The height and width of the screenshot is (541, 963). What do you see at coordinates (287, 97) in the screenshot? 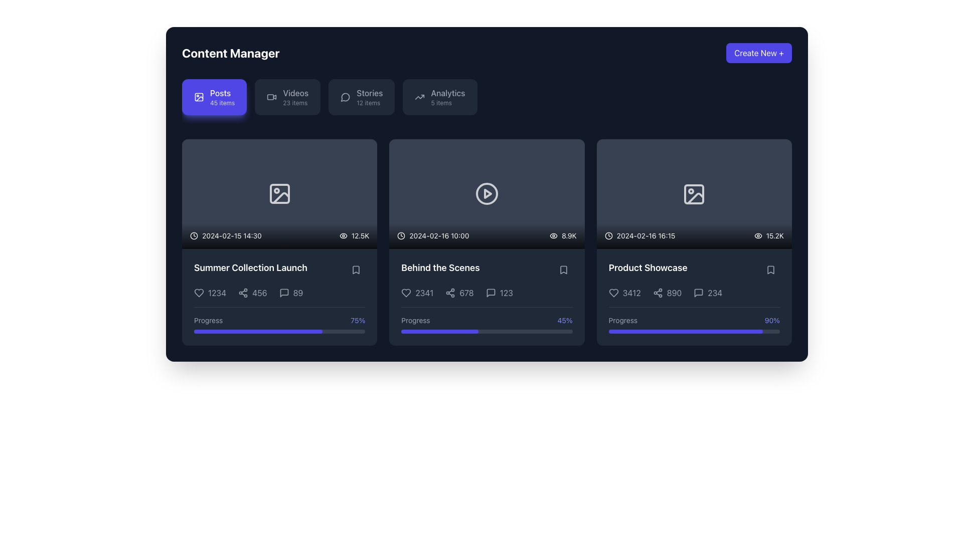
I see `the 'Videos' button, which is a rectangular section with a dark gray background, containing a video camera icon on the left and the text 'Videos' and '23 items' on the right` at bounding box center [287, 97].